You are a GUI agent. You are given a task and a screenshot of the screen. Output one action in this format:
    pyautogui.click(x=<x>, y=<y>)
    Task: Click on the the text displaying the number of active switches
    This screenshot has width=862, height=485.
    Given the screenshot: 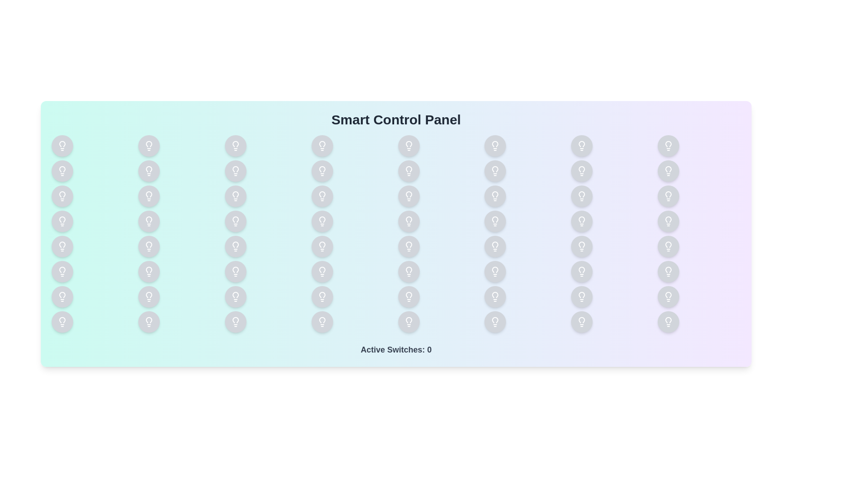 What is the action you would take?
    pyautogui.click(x=396, y=349)
    